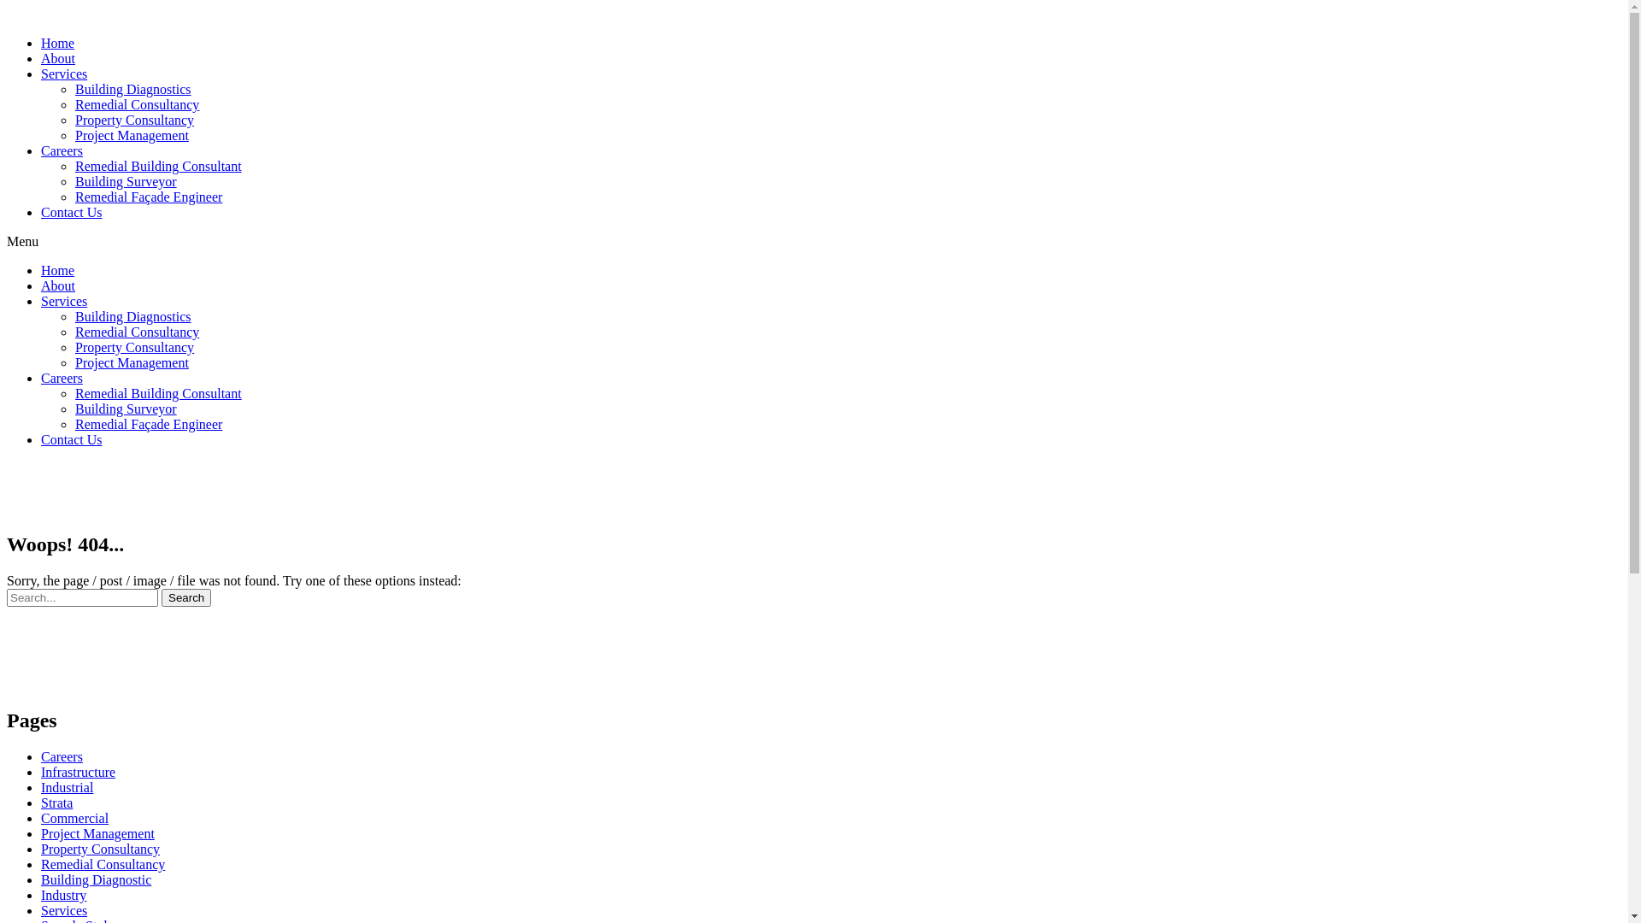 This screenshot has width=1641, height=923. I want to click on 'Building Diagnostics', so click(74, 89).